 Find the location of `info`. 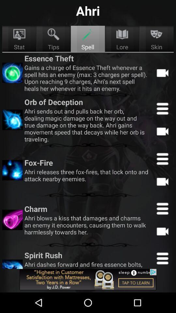

info is located at coordinates (162, 208).